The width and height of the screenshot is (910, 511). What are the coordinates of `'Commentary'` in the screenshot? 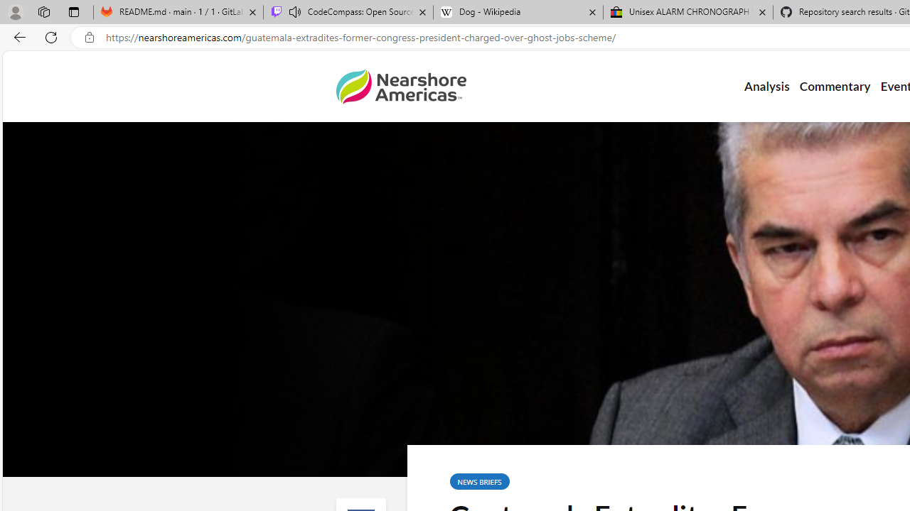 It's located at (835, 87).